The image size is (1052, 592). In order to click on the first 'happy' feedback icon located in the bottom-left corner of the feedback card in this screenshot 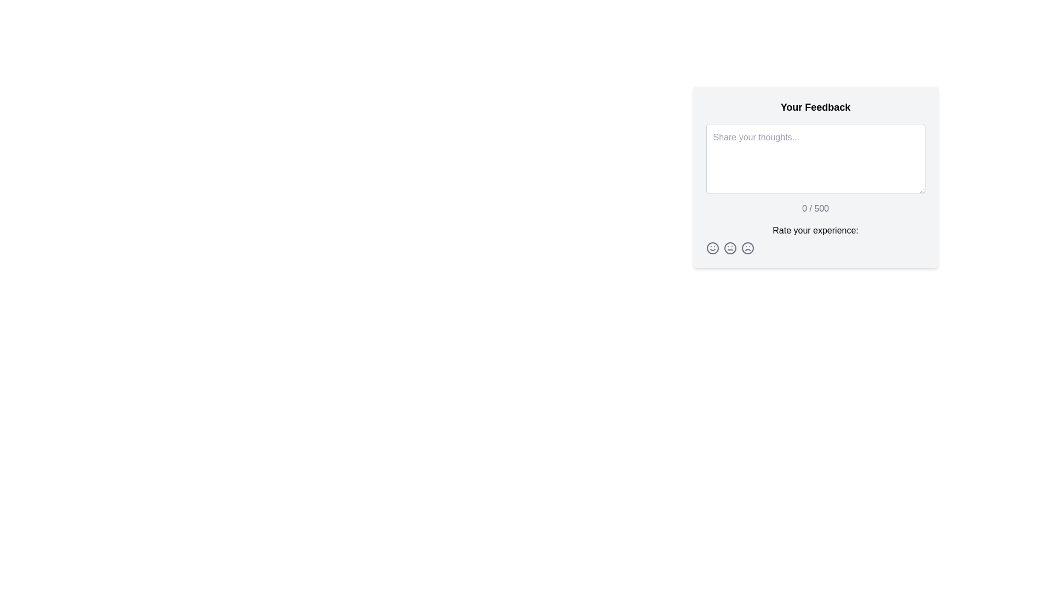, I will do `click(712, 248)`.